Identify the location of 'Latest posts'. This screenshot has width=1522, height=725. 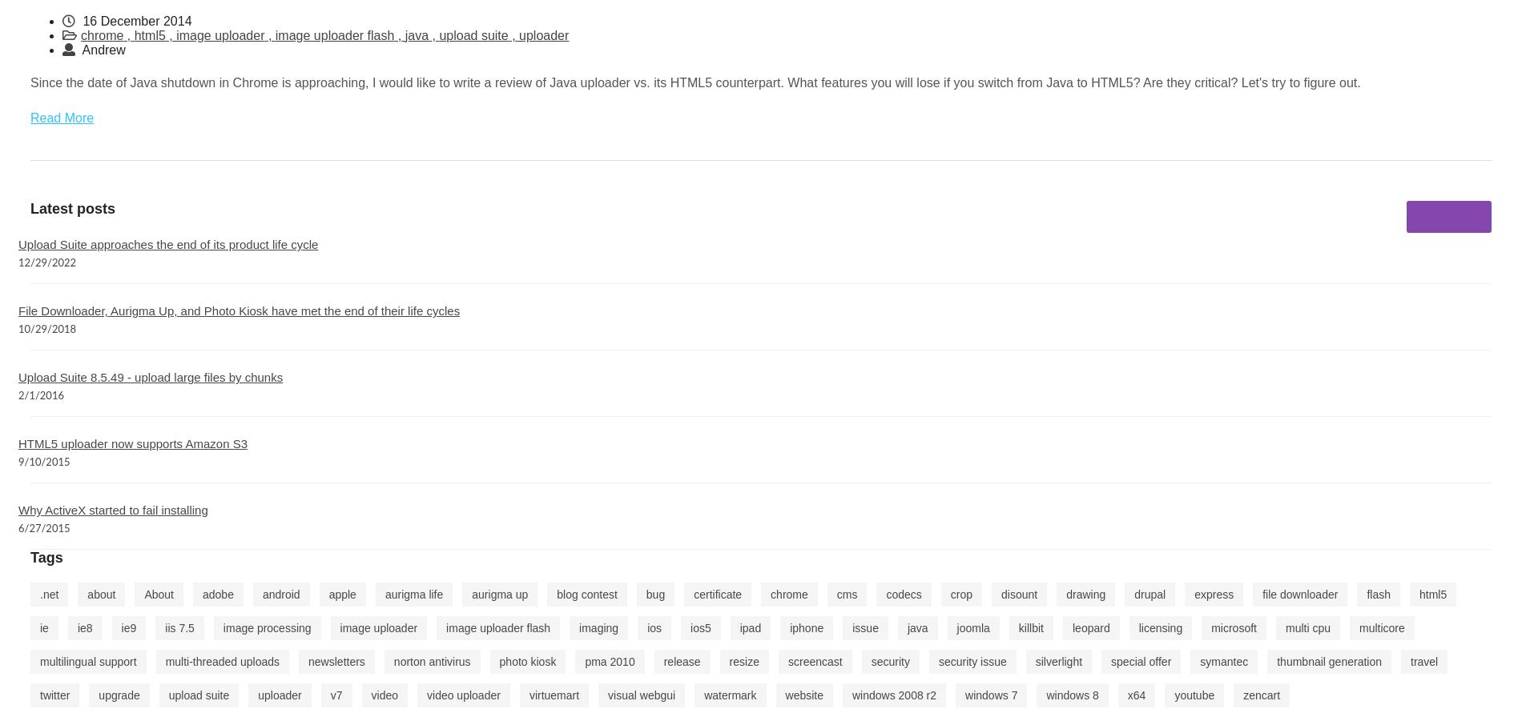
(73, 209).